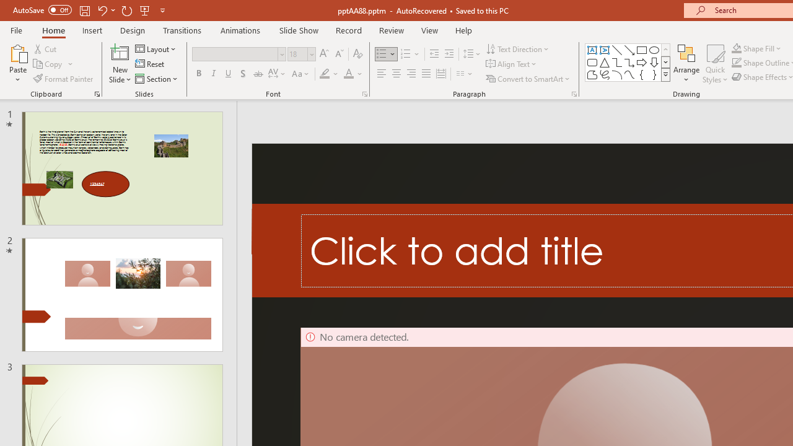 The height and width of the screenshot is (446, 793). I want to click on 'Bullets', so click(381, 53).